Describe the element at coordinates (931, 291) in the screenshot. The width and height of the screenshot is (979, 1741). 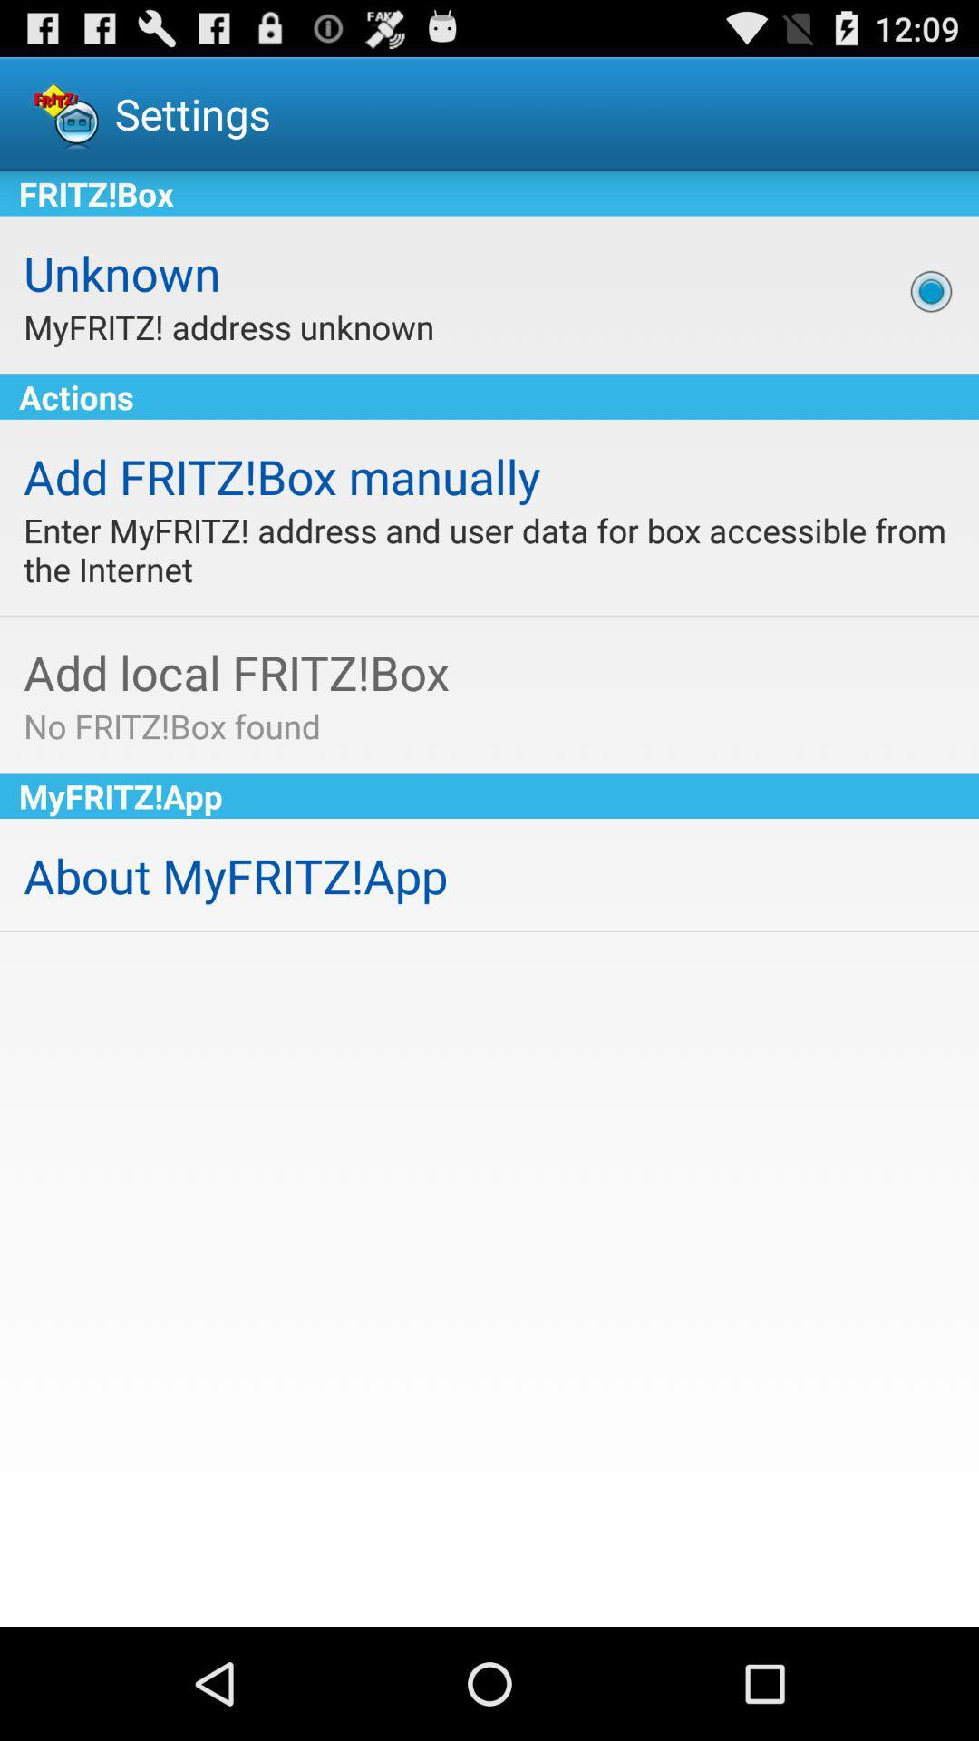
I see `icon next to the unknown` at that location.